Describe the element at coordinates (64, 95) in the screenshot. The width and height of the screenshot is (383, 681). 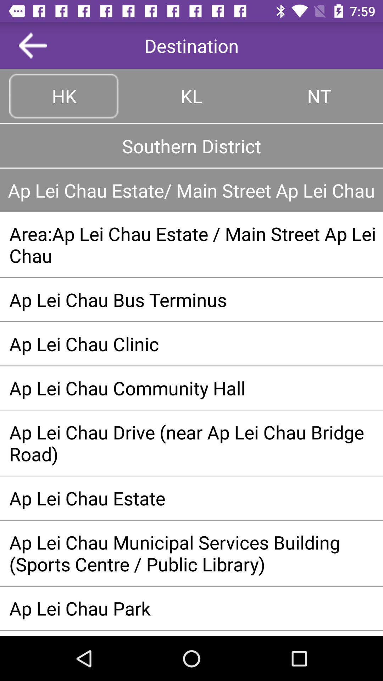
I see `move to hk tab` at that location.